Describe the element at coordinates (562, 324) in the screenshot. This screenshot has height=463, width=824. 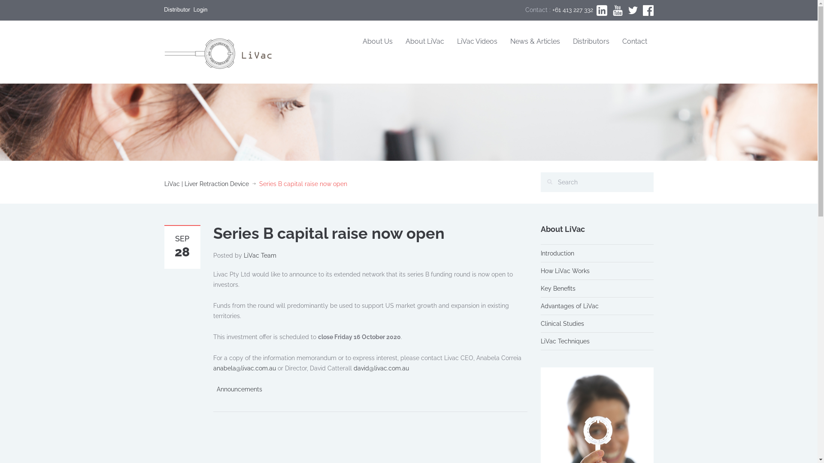
I see `'Clinical Studies'` at that location.